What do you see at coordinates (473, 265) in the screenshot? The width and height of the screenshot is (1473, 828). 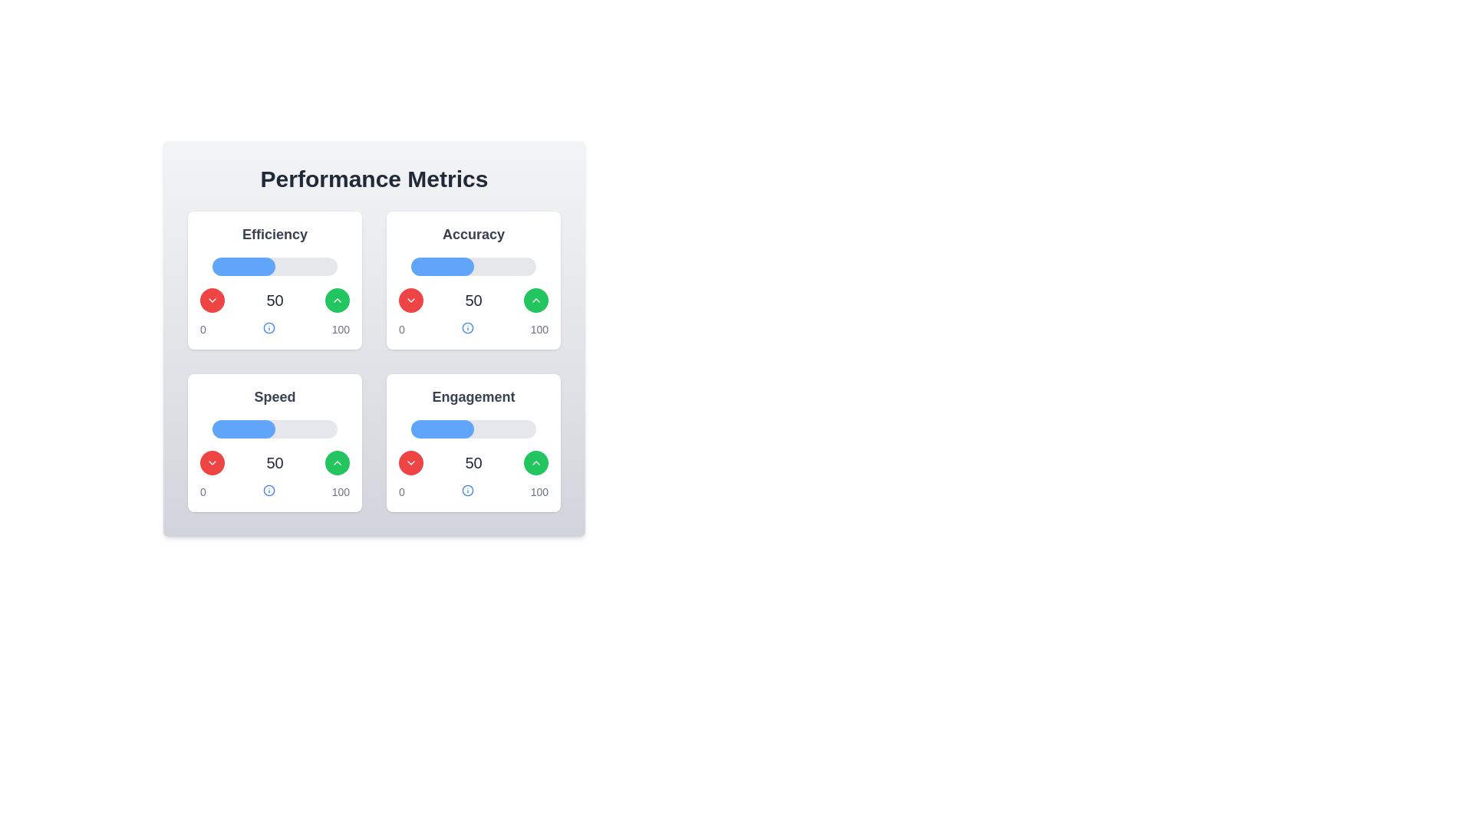 I see `the 'Accuracy' progress bar located in the top-right card of the performance metric grid` at bounding box center [473, 265].